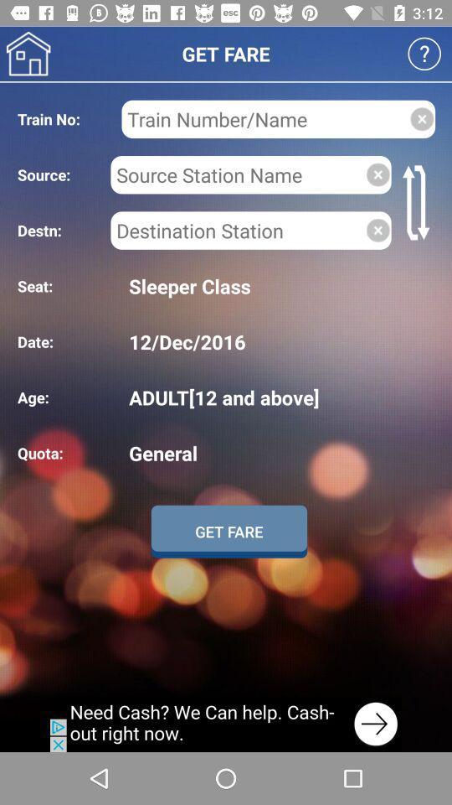 Image resolution: width=452 pixels, height=805 pixels. Describe the element at coordinates (28, 54) in the screenshot. I see `home button` at that location.